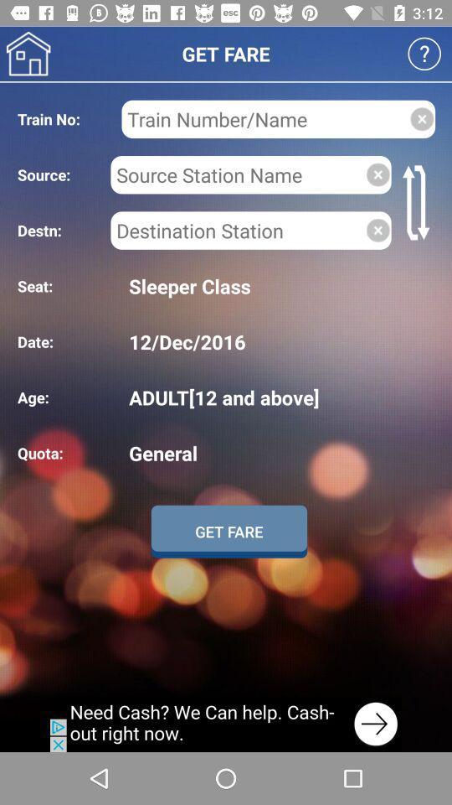 Image resolution: width=452 pixels, height=805 pixels. Describe the element at coordinates (28, 54) in the screenshot. I see `home button` at that location.